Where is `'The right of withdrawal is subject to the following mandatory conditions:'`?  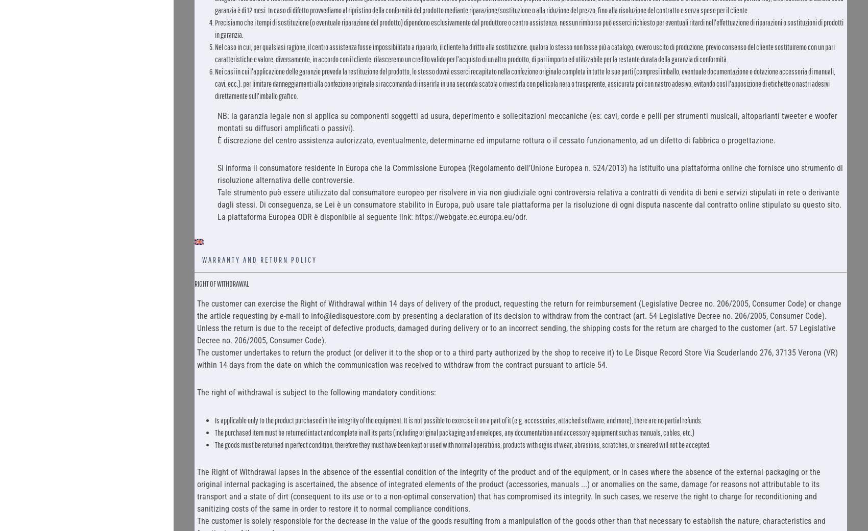
'The right of withdrawal is subject to the following mandatory conditions:' is located at coordinates (315, 392).